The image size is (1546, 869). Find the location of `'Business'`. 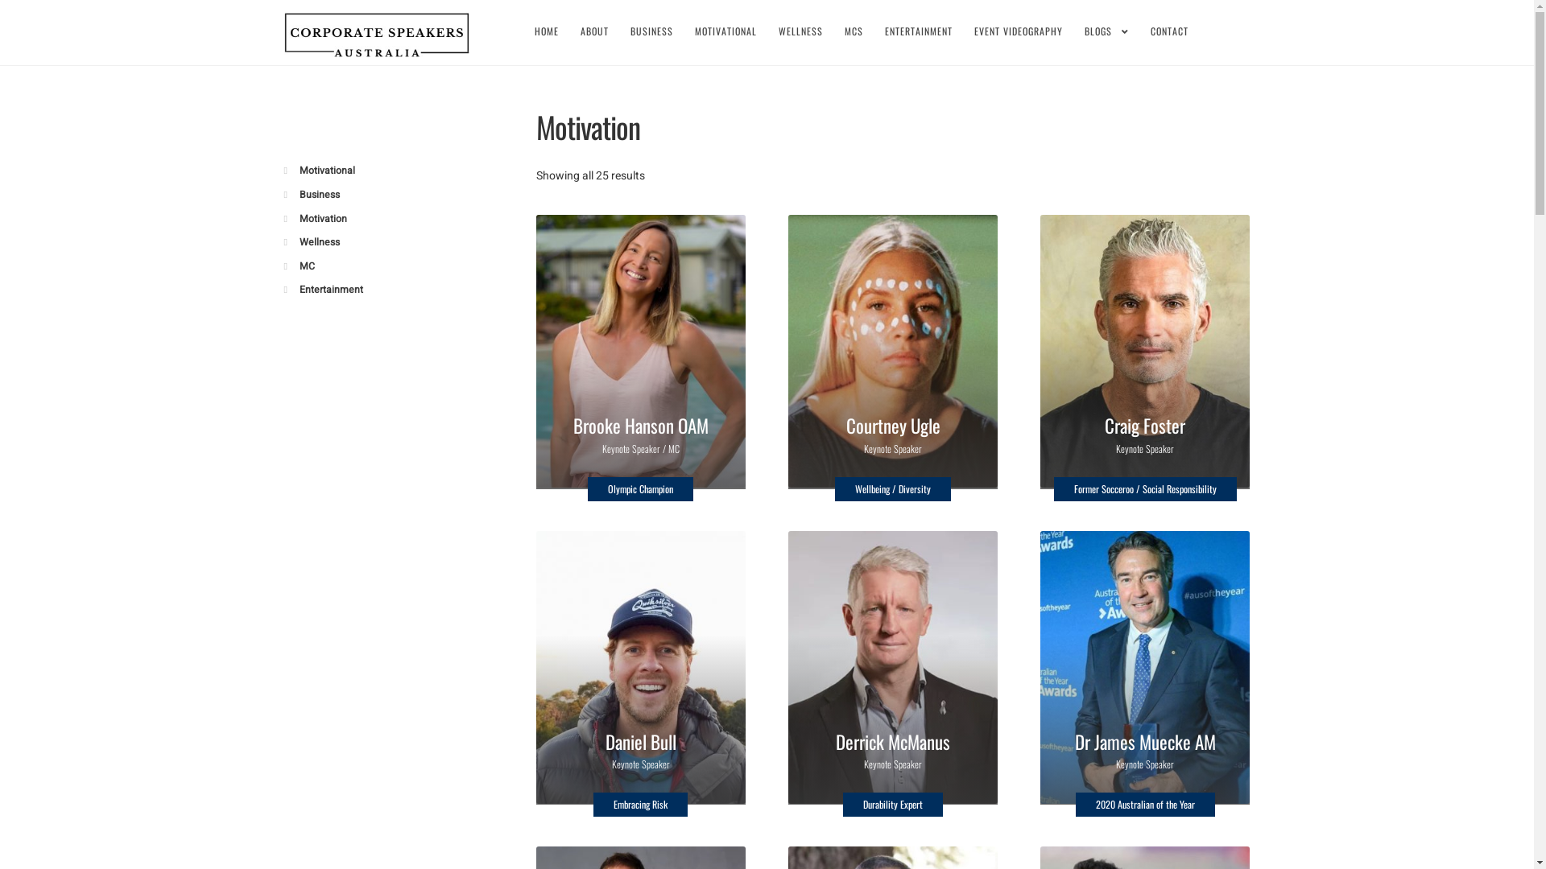

'Business' is located at coordinates (300, 194).